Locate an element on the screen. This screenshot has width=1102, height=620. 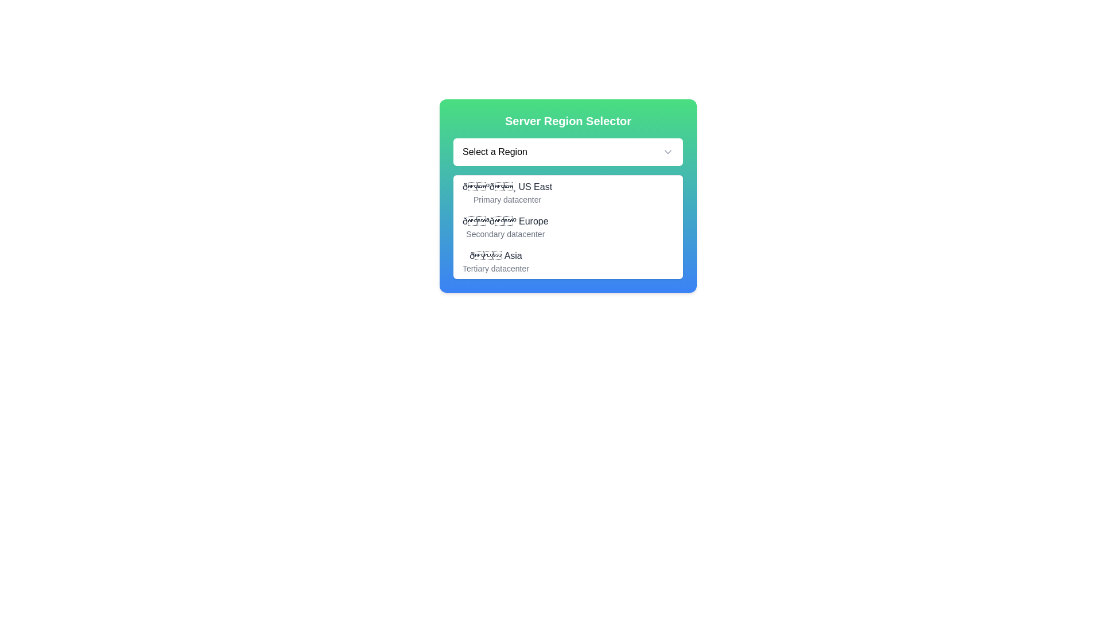
the chevron-down icon button located at the far right edge of the 'Select a Region' input box is located at coordinates (668, 152).